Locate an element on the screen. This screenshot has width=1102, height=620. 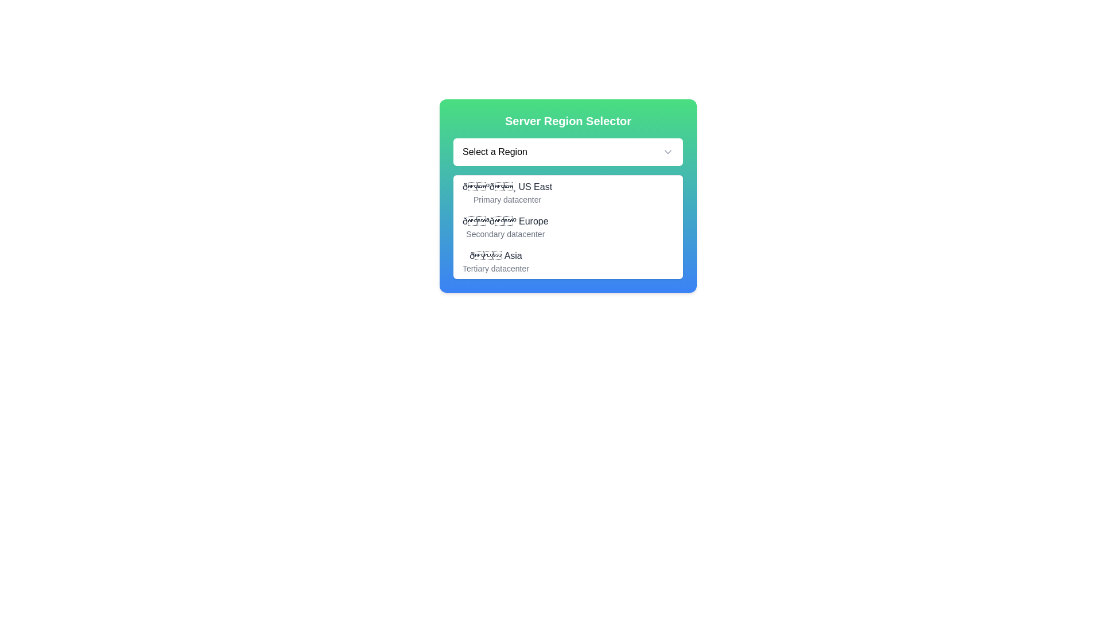
the chevron-down icon button located at the far right edge of the 'Select a Region' input box is located at coordinates (668, 152).